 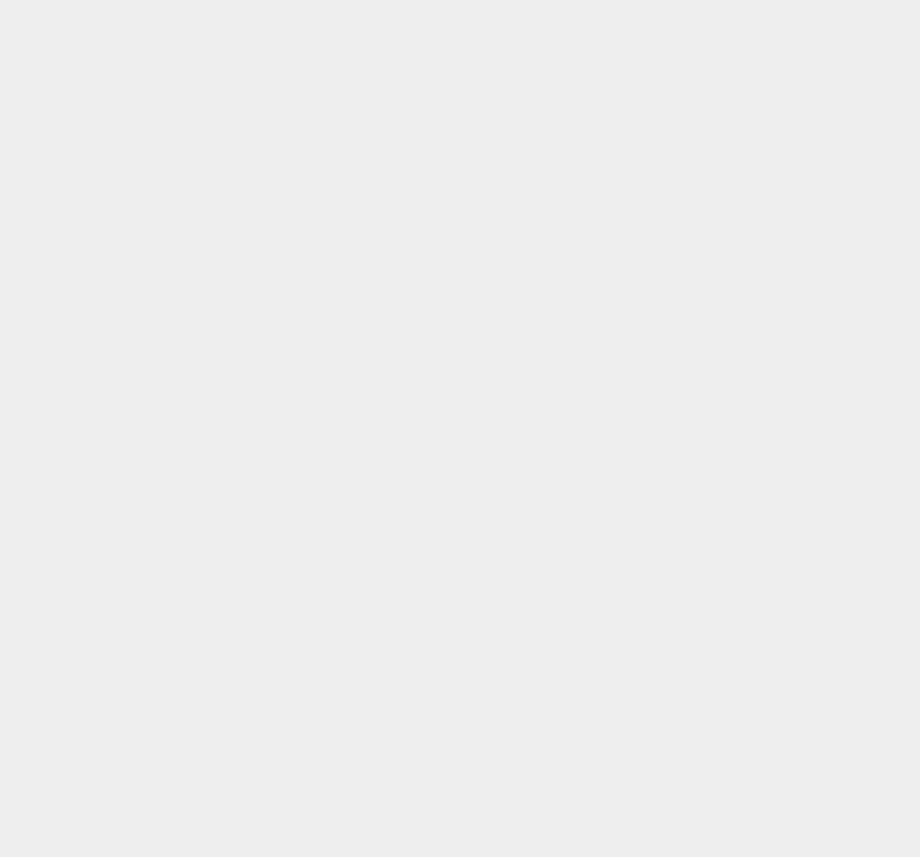 What do you see at coordinates (668, 326) in the screenshot?
I see `'iPadOS'` at bounding box center [668, 326].